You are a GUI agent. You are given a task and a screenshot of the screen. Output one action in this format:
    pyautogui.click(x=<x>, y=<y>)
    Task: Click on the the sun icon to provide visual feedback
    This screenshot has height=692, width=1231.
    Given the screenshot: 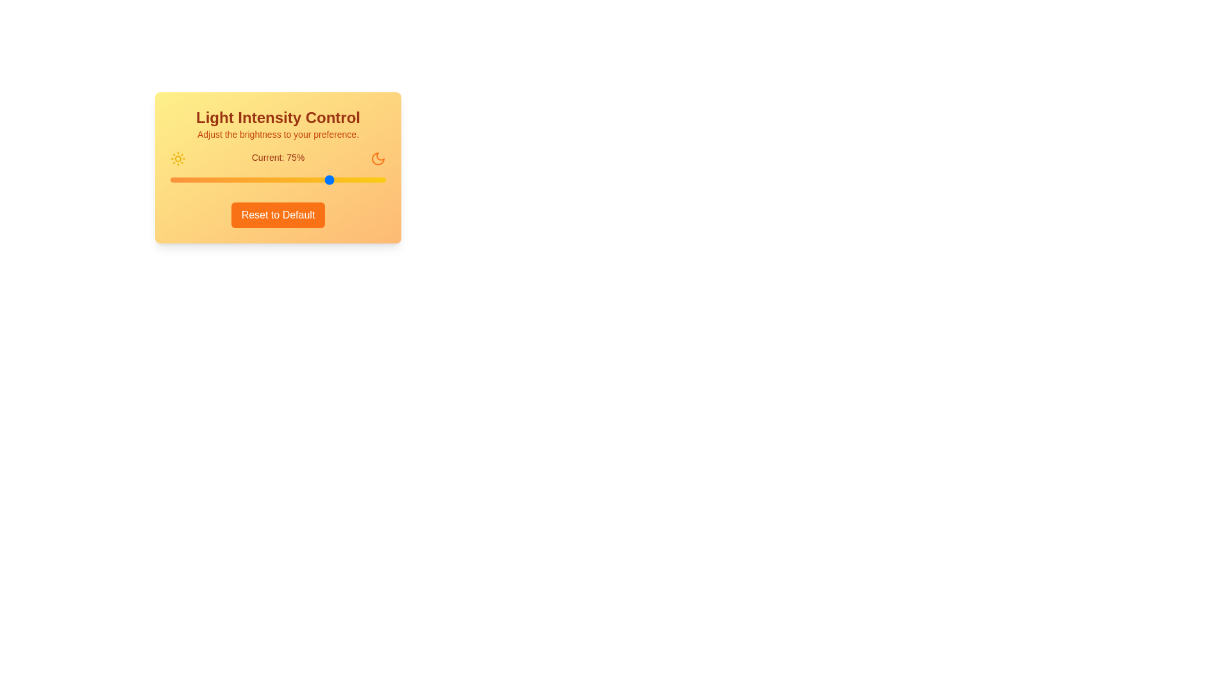 What is the action you would take?
    pyautogui.click(x=178, y=158)
    